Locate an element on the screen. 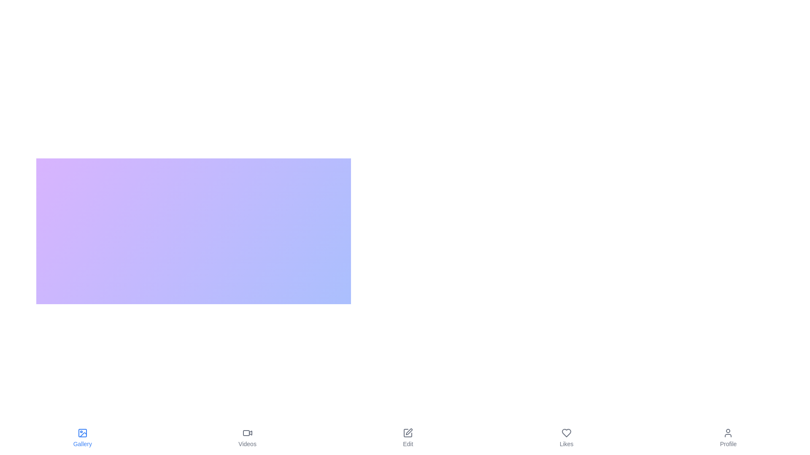 This screenshot has height=455, width=810. the tab labeled Profile to observe its hover effect is located at coordinates (728, 438).